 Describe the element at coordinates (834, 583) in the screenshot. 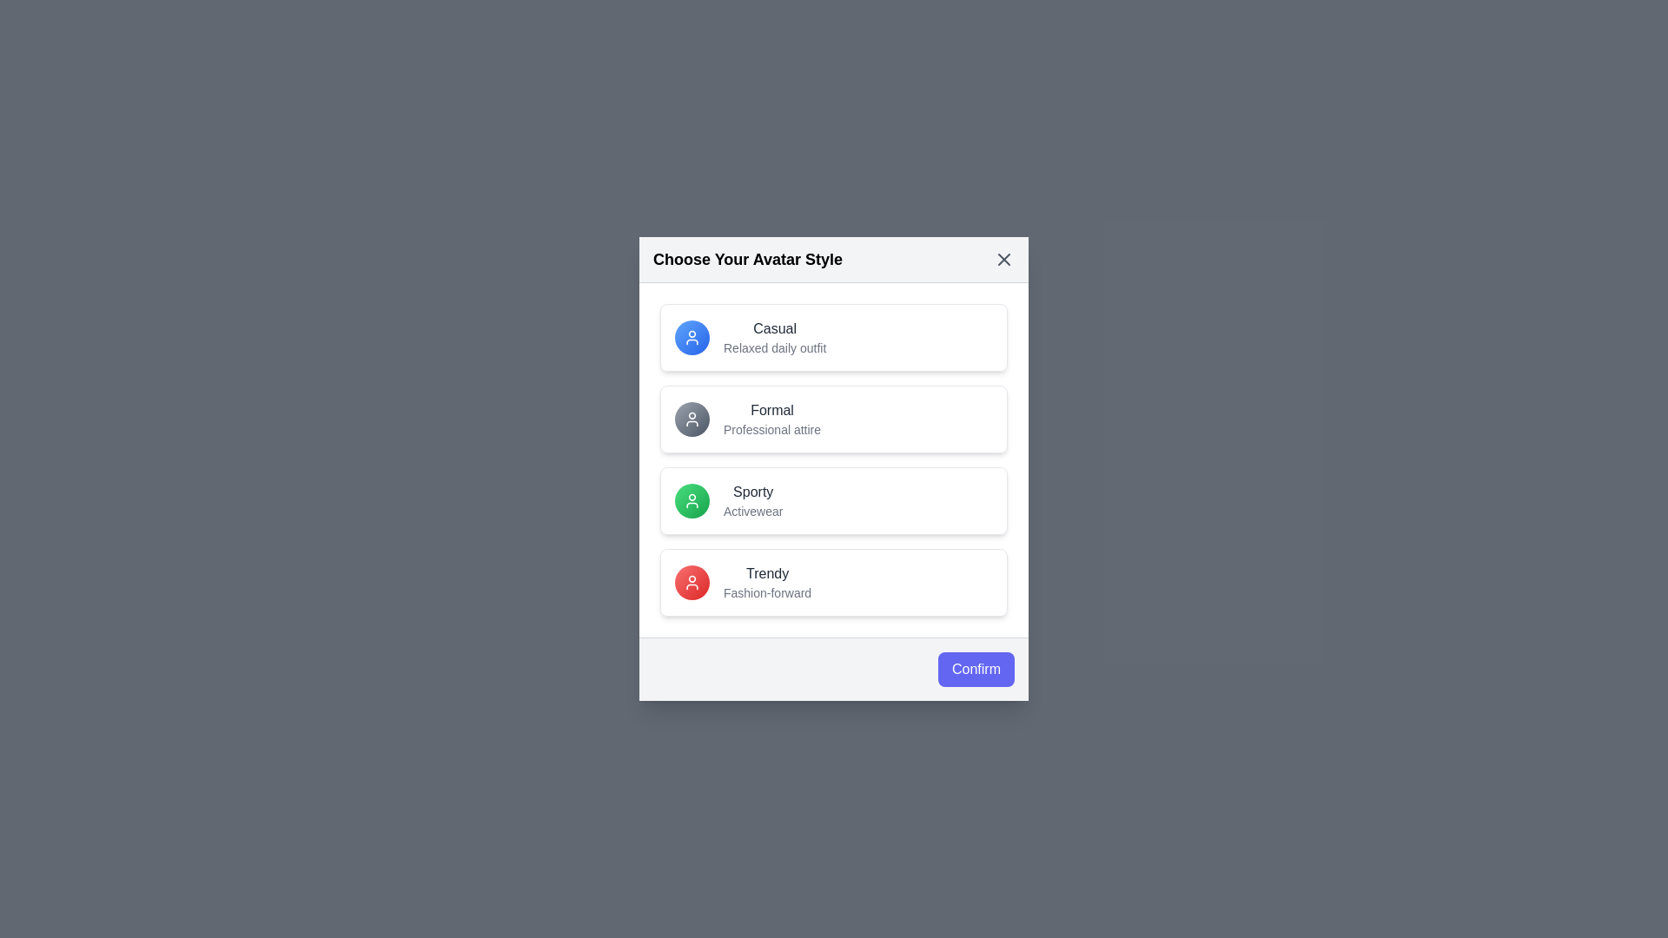

I see `the avatar with style Trendy` at that location.